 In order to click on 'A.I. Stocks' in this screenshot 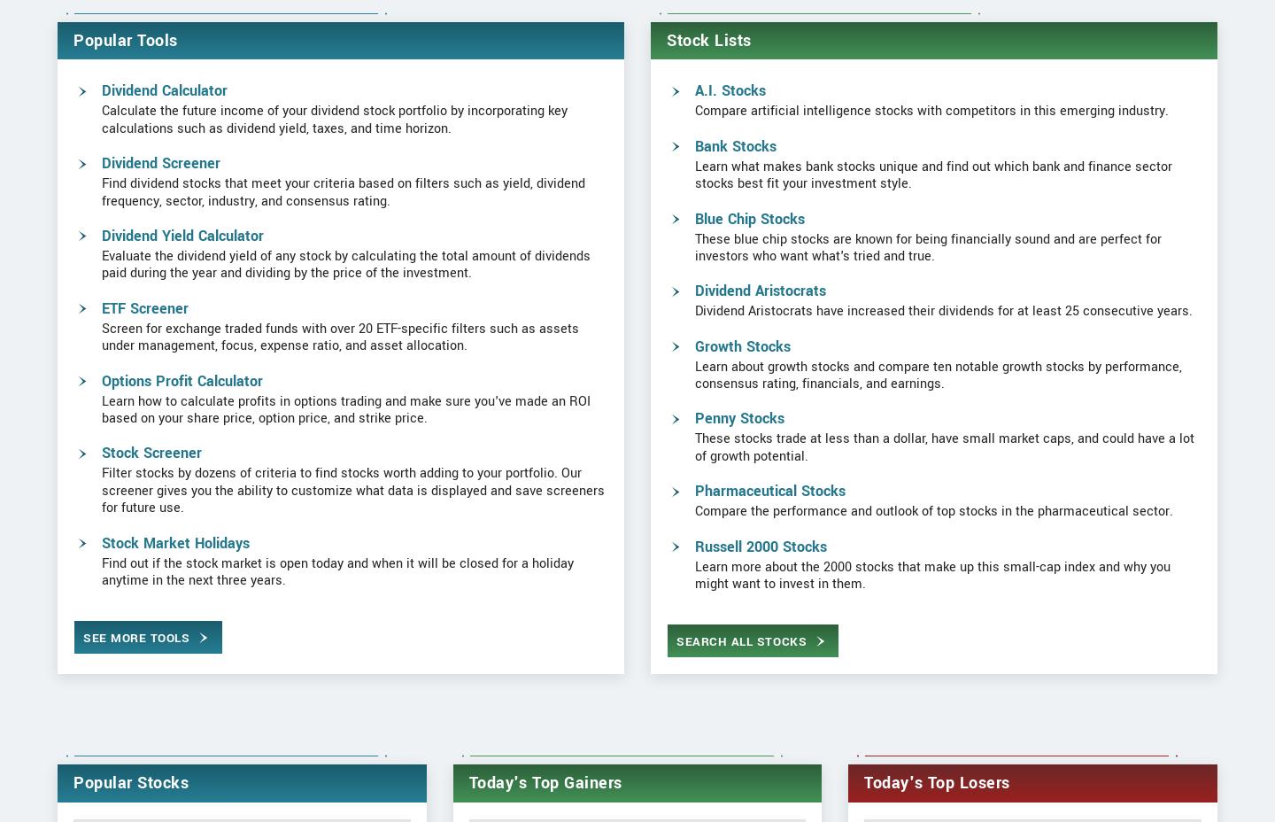, I will do `click(730, 148)`.